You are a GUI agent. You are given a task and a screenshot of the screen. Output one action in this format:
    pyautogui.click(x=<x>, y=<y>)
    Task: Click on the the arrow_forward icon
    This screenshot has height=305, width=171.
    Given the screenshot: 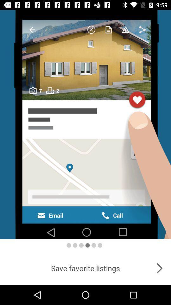 What is the action you would take?
    pyautogui.click(x=159, y=268)
    